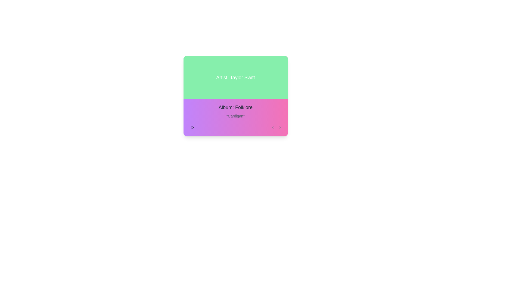 Image resolution: width=522 pixels, height=293 pixels. Describe the element at coordinates (192, 128) in the screenshot. I see `the triangular play button icon located at the bottom-left corner of the card UI element` at that location.